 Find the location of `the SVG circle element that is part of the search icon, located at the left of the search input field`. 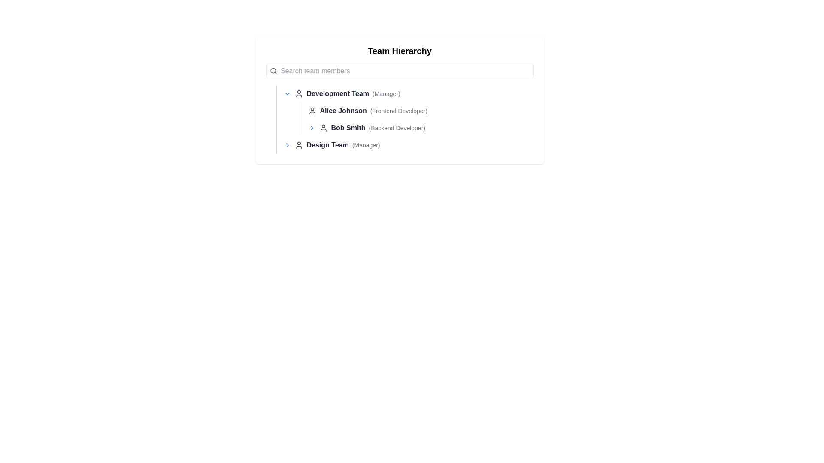

the SVG circle element that is part of the search icon, located at the left of the search input field is located at coordinates (273, 70).